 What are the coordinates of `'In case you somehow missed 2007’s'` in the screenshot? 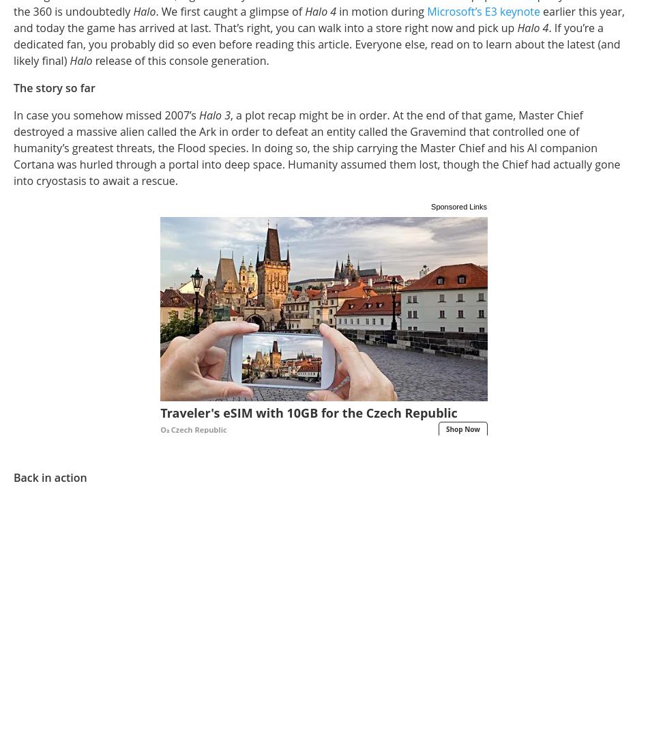 It's located at (106, 114).